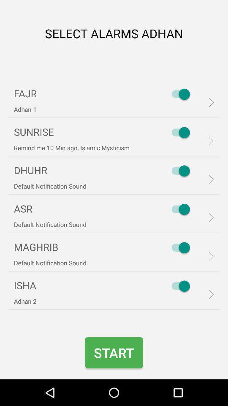  I want to click on the icon to the right of default notification sound icon, so click(178, 209).